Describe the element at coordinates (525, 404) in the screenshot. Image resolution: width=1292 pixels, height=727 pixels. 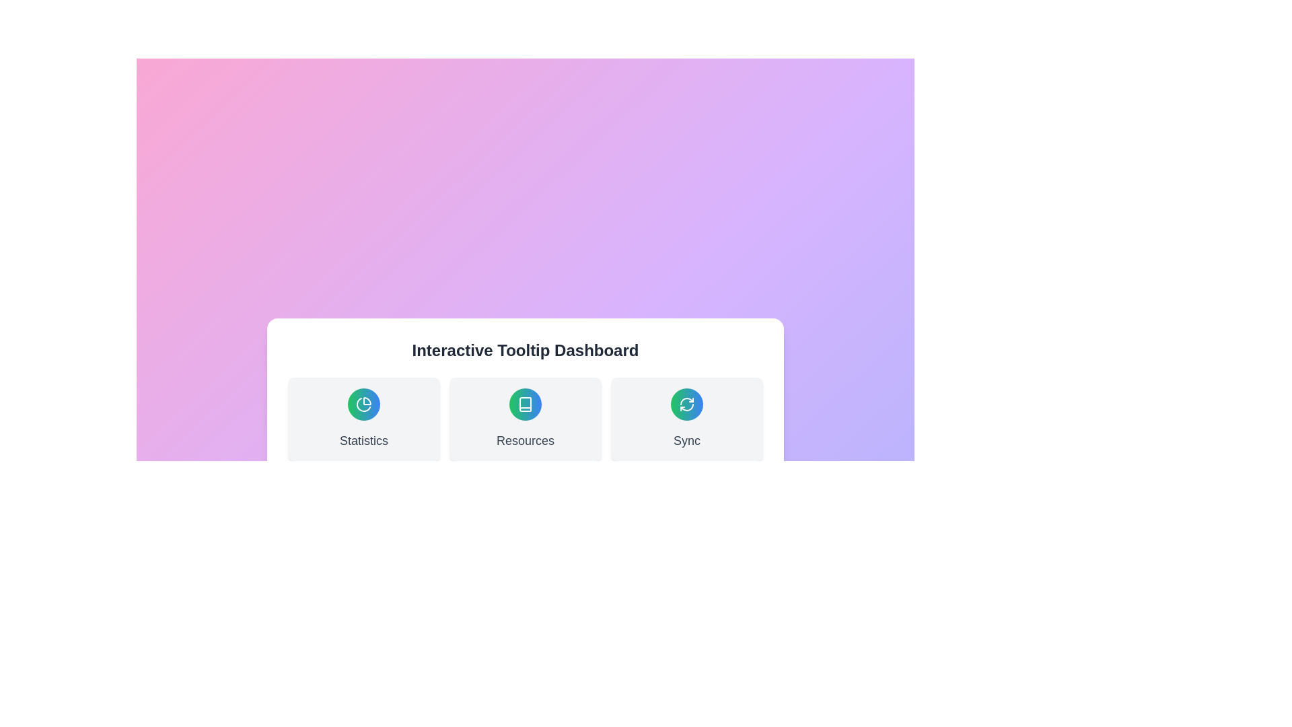
I see `the decorative shape inside the book icon located within the 'Resources' card` at that location.